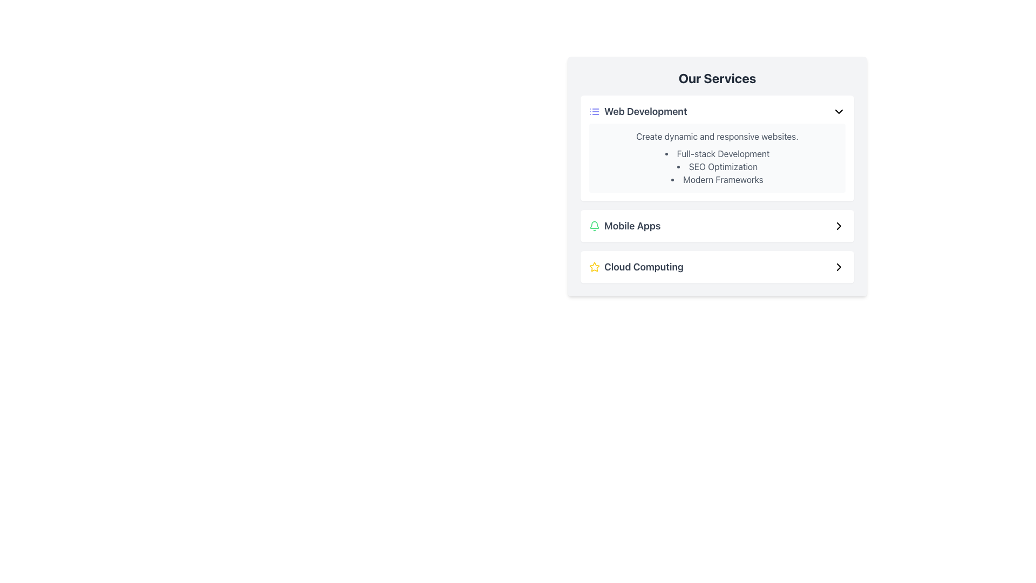 The width and height of the screenshot is (1036, 583). What do you see at coordinates (717, 136) in the screenshot?
I see `the textual segment displaying 'Create dynamic and responsive websites.' located beneath the 'Web Development' header in the 'Our Services' module` at bounding box center [717, 136].